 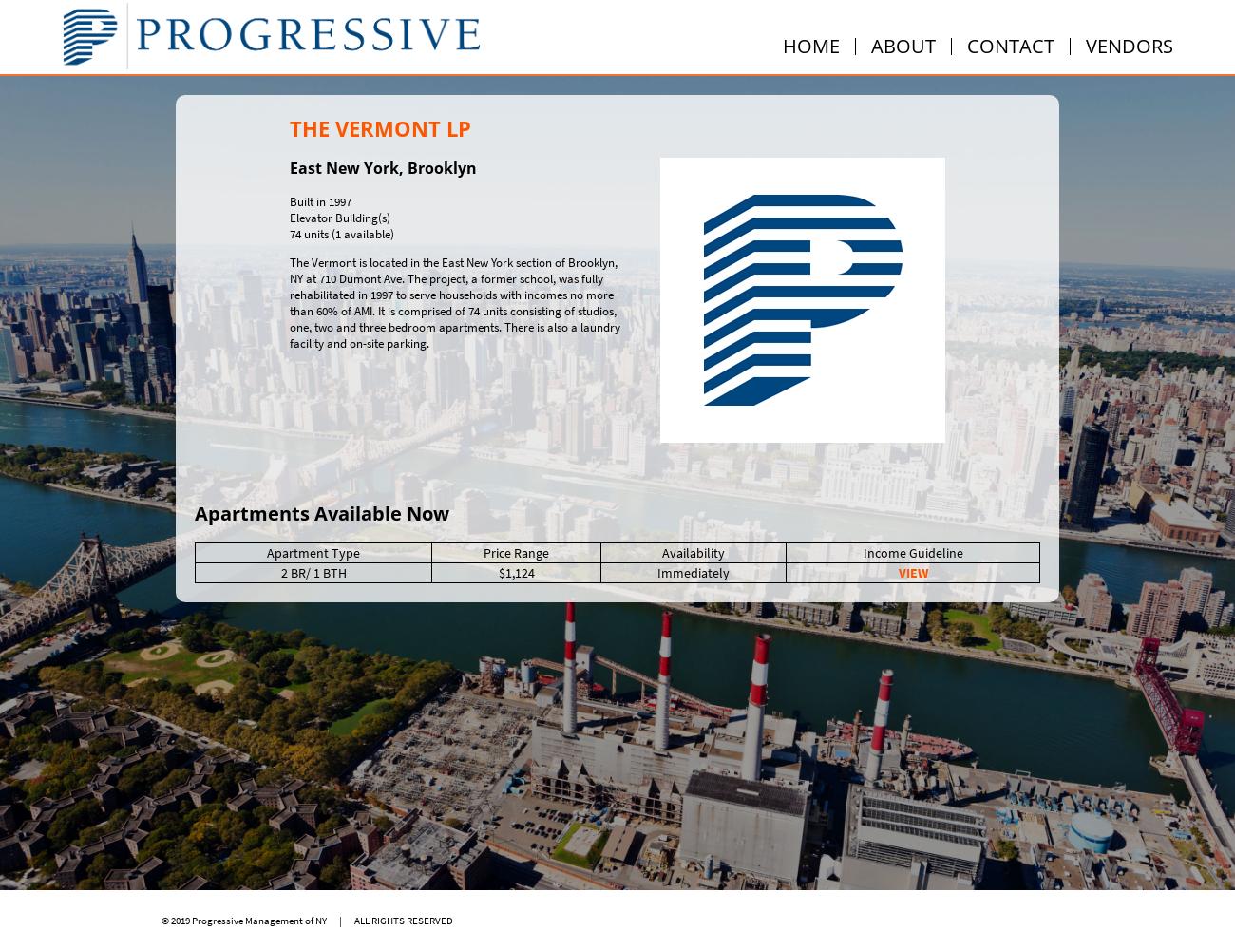 What do you see at coordinates (321, 513) in the screenshot?
I see `'Apartments Available Now'` at bounding box center [321, 513].